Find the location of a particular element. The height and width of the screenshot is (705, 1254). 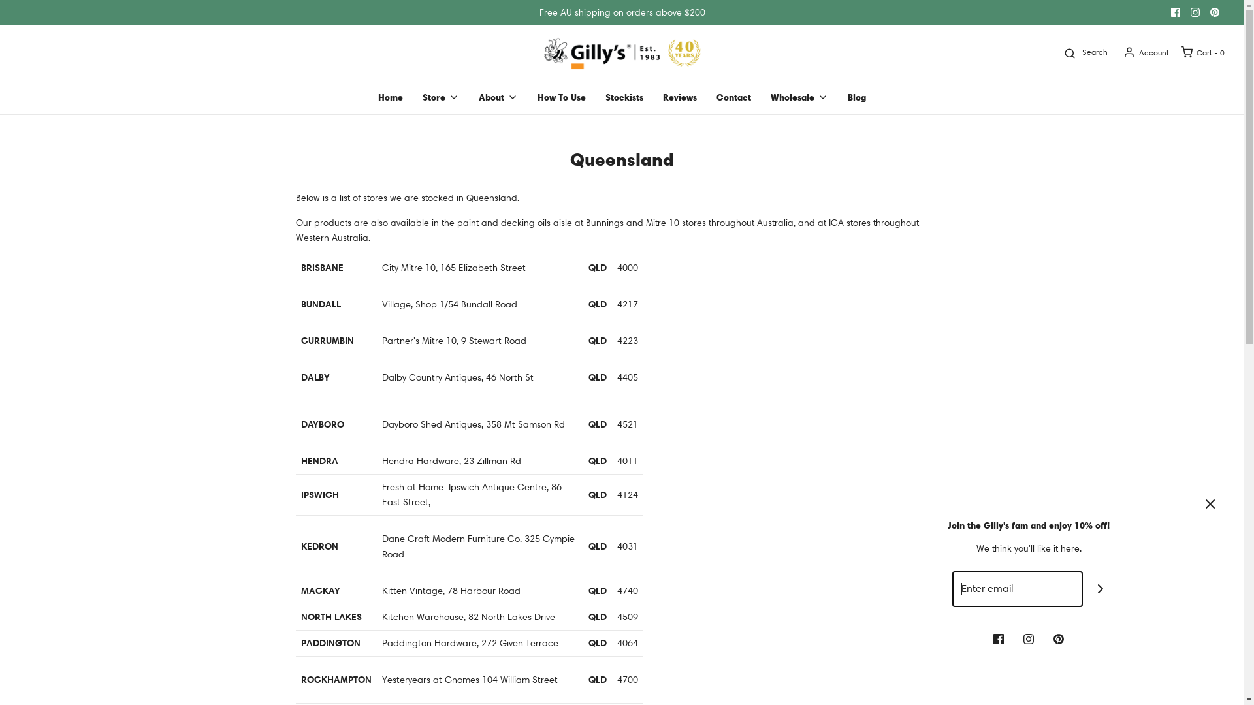

'Wholesale' is located at coordinates (799, 97).